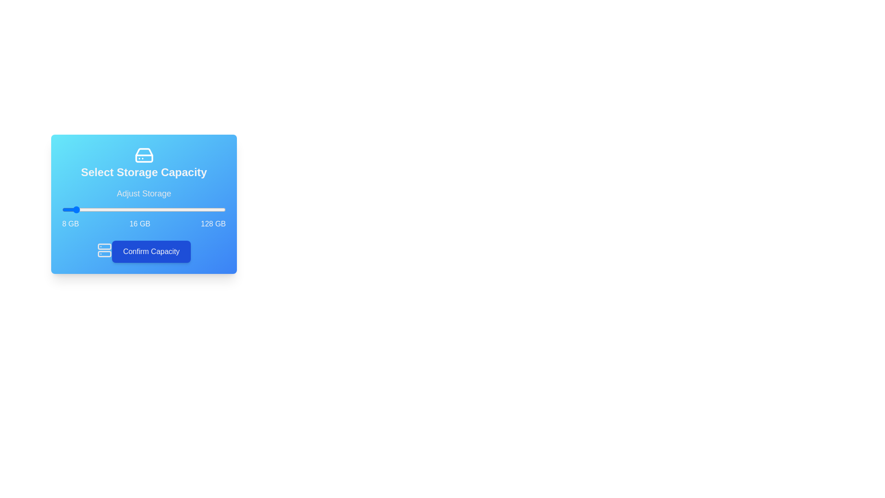 This screenshot has width=885, height=498. I want to click on the confirm button to visually inspect its graphical response, so click(151, 252).